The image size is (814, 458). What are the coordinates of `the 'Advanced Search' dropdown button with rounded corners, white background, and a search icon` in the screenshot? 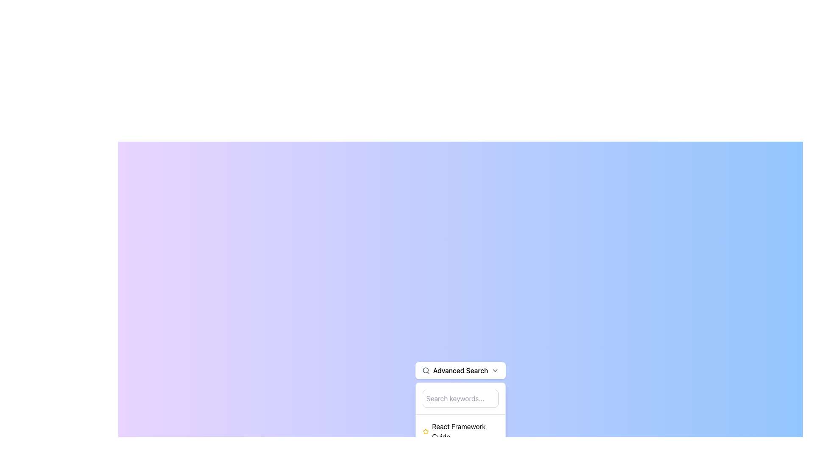 It's located at (460, 370).